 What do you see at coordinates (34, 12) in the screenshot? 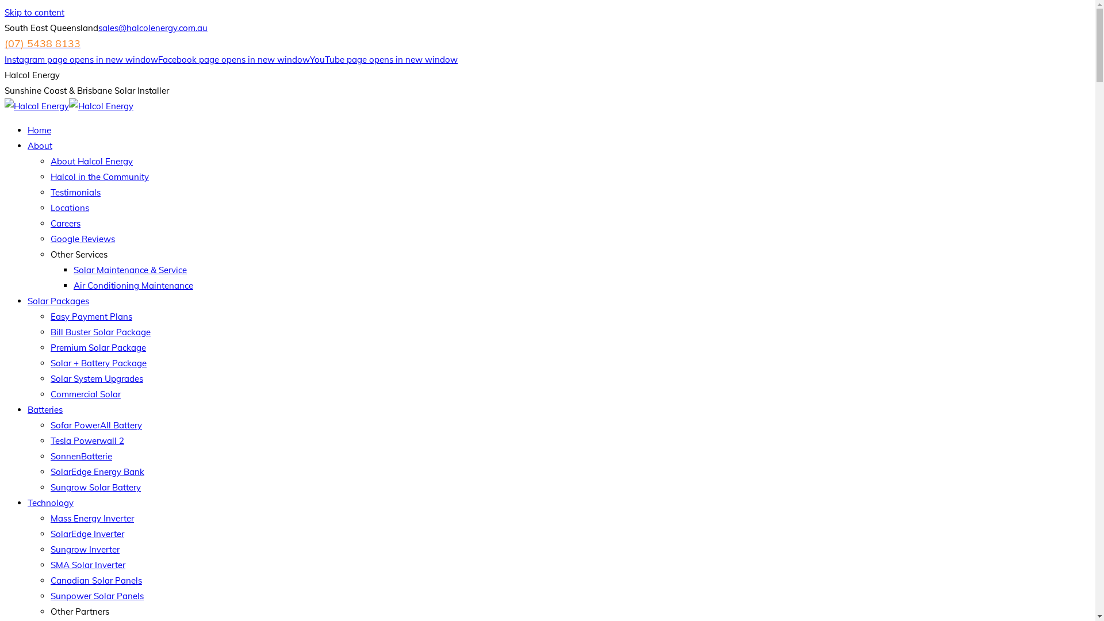
I see `'Skip to content'` at bounding box center [34, 12].